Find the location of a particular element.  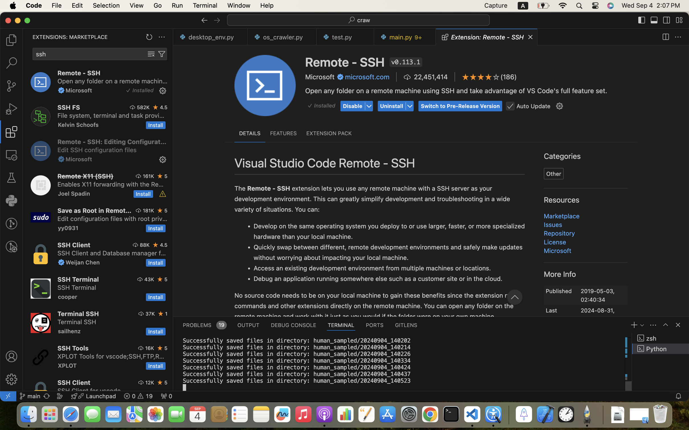

'' is located at coordinates (666, 325).